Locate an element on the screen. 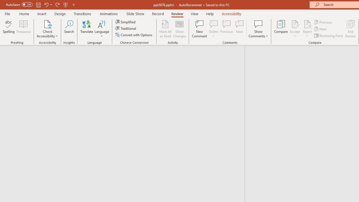 This screenshot has width=359, height=202. 'End Review' is located at coordinates (350, 29).